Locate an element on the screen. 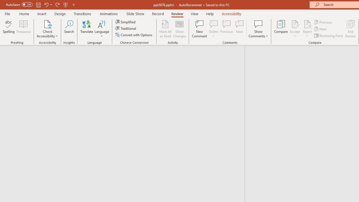 This screenshot has width=359, height=202. 'End Review' is located at coordinates (350, 29).